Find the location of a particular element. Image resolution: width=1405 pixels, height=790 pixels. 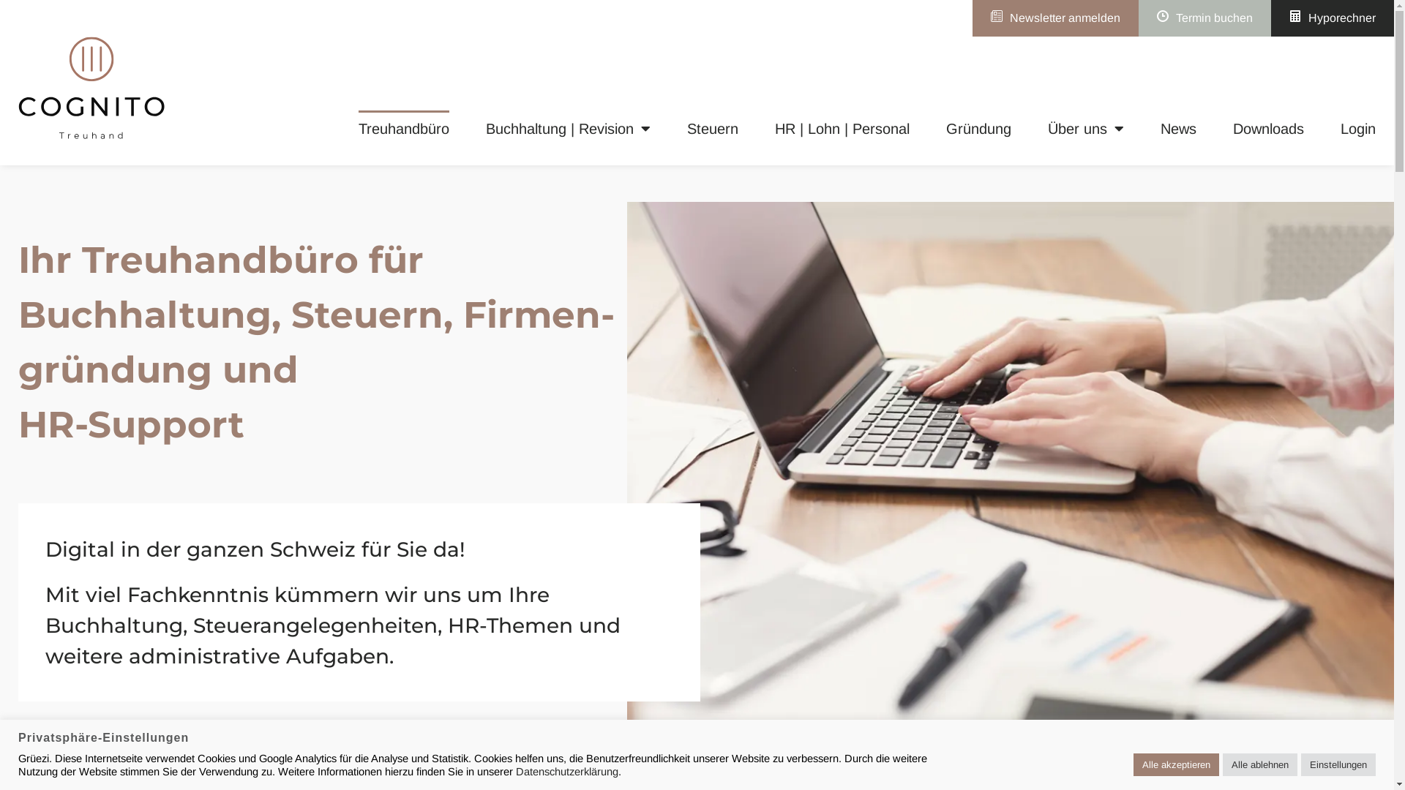

'Termin buchen' is located at coordinates (1204, 18).